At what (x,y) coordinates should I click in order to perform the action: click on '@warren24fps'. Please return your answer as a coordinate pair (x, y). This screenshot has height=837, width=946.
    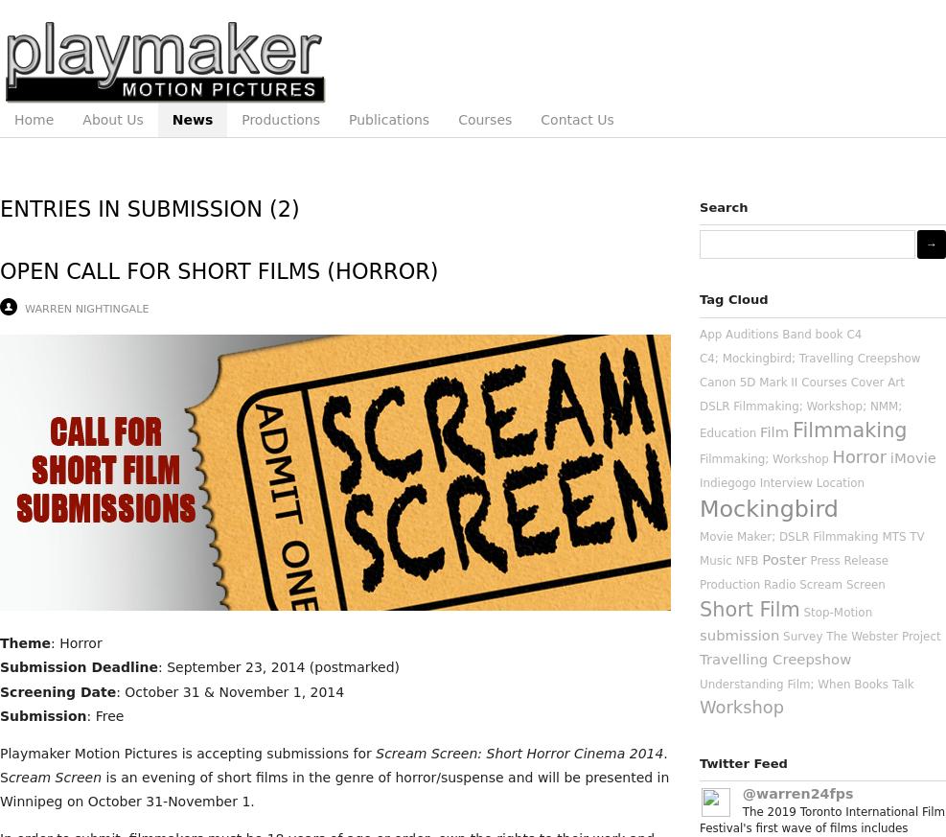
    Looking at the image, I should click on (797, 792).